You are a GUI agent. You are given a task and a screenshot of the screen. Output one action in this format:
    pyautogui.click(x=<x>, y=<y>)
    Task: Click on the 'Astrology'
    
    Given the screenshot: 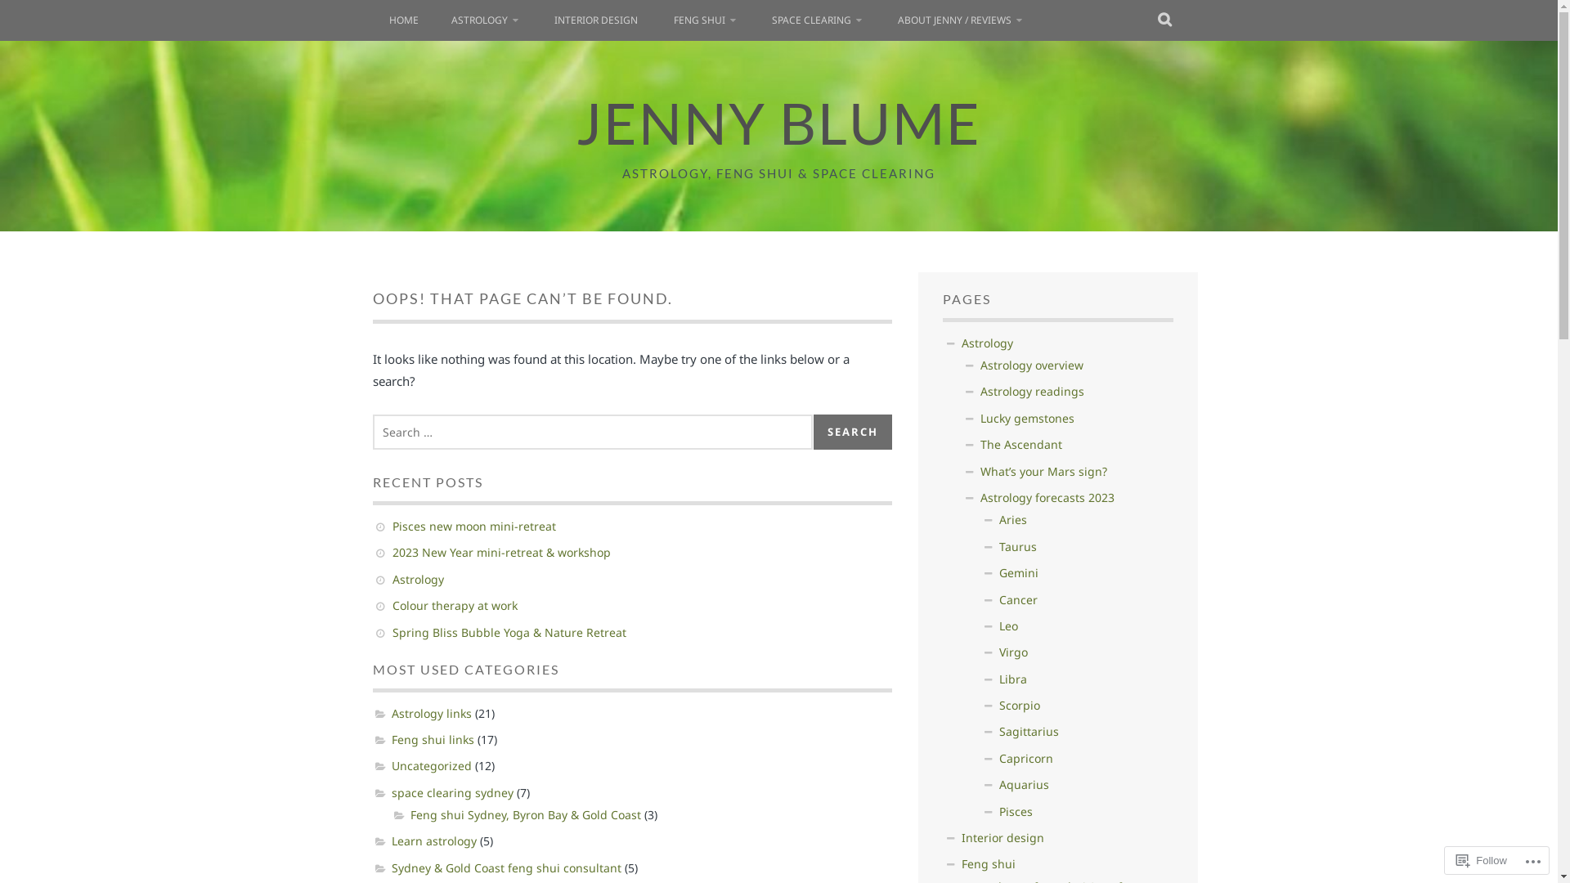 What is the action you would take?
    pyautogui.click(x=418, y=578)
    